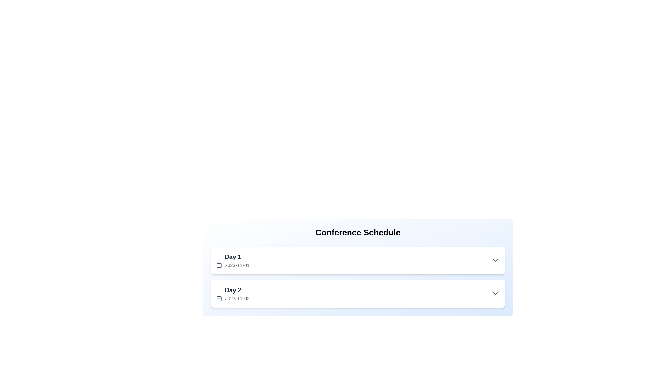 The image size is (666, 374). What do you see at coordinates (233, 290) in the screenshot?
I see `text content of the header label for the conference day located below the 'Day 1' section in the 'Conference Schedule'` at bounding box center [233, 290].